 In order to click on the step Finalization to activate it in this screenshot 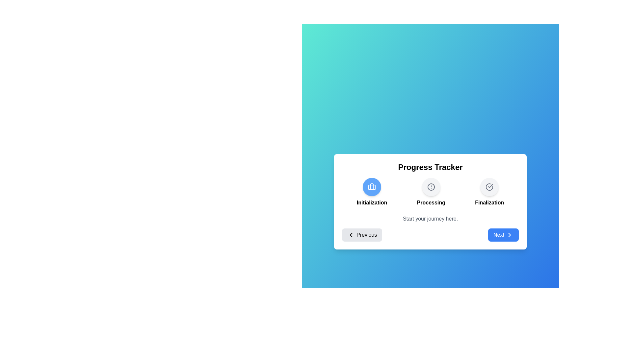, I will do `click(489, 187)`.